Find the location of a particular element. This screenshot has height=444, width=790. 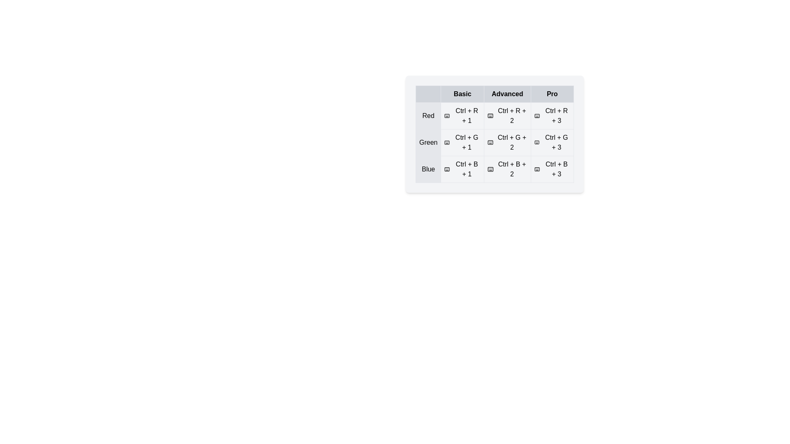

descriptive text with an accompanying icon located in the third row and third column of the grid, under the 'Pro' header is located at coordinates (552, 116).